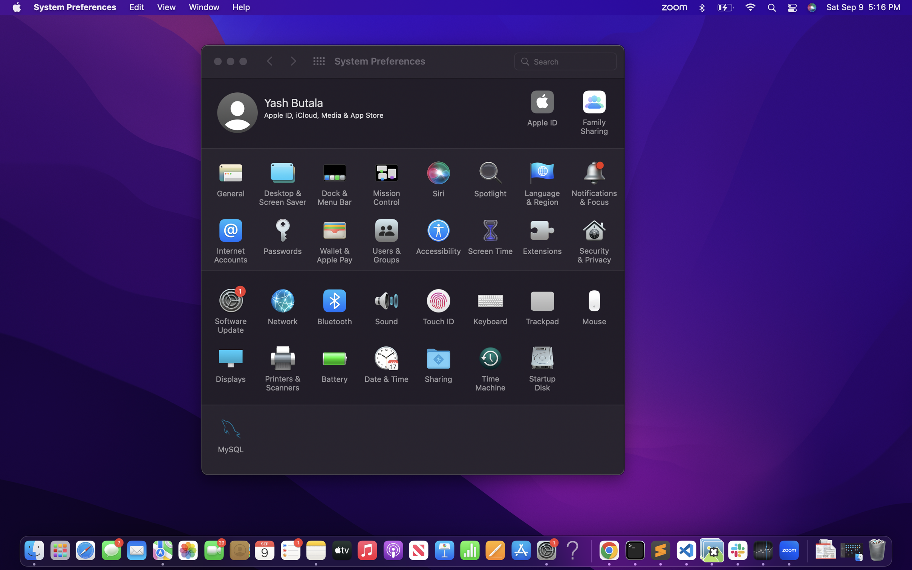  What do you see at coordinates (543, 305) in the screenshot?
I see `the settings for the trackpad` at bounding box center [543, 305].